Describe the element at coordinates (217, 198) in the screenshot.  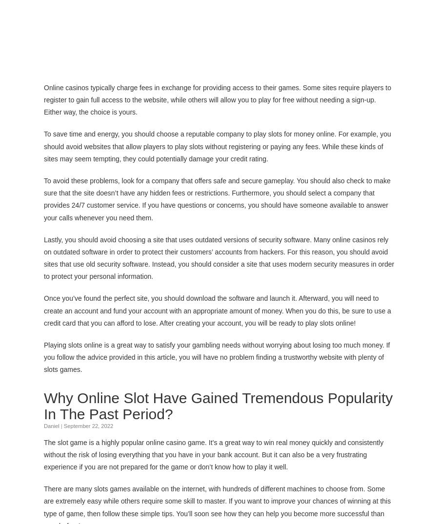
I see `'To avoid these problems, look for a company that offers safe and secure gameplay. You should also check to make sure that the site doesn’t have any hidden fees or restrictions. Furthermore, you should select a company that provides 24/7 customer service. If you have questions or concerns, you should have someone available to answer your calls whenever you need them.'` at that location.